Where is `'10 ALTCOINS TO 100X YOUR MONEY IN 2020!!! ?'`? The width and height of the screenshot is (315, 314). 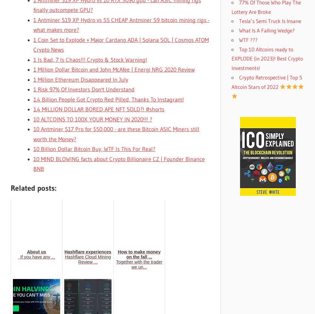
'10 ALTCOINS TO 100X YOUR MONEY IN 2020!!! ?' is located at coordinates (93, 119).